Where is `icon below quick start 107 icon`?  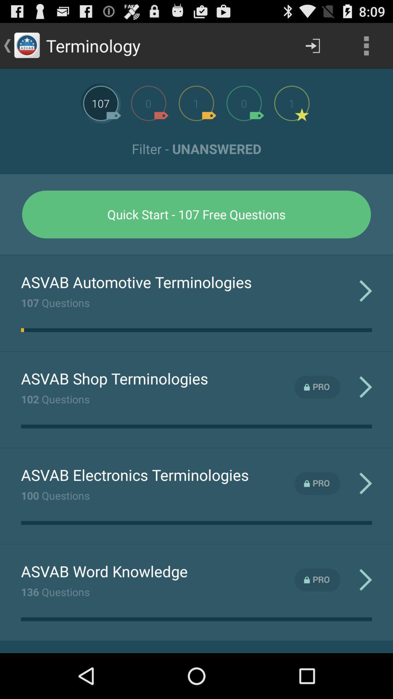
icon below quick start 107 icon is located at coordinates (196, 255).